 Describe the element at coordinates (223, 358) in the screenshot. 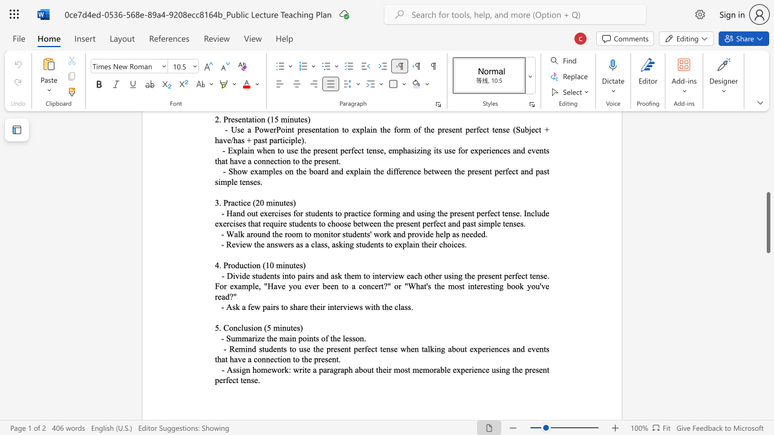

I see `the 4th character "a" in the text` at that location.